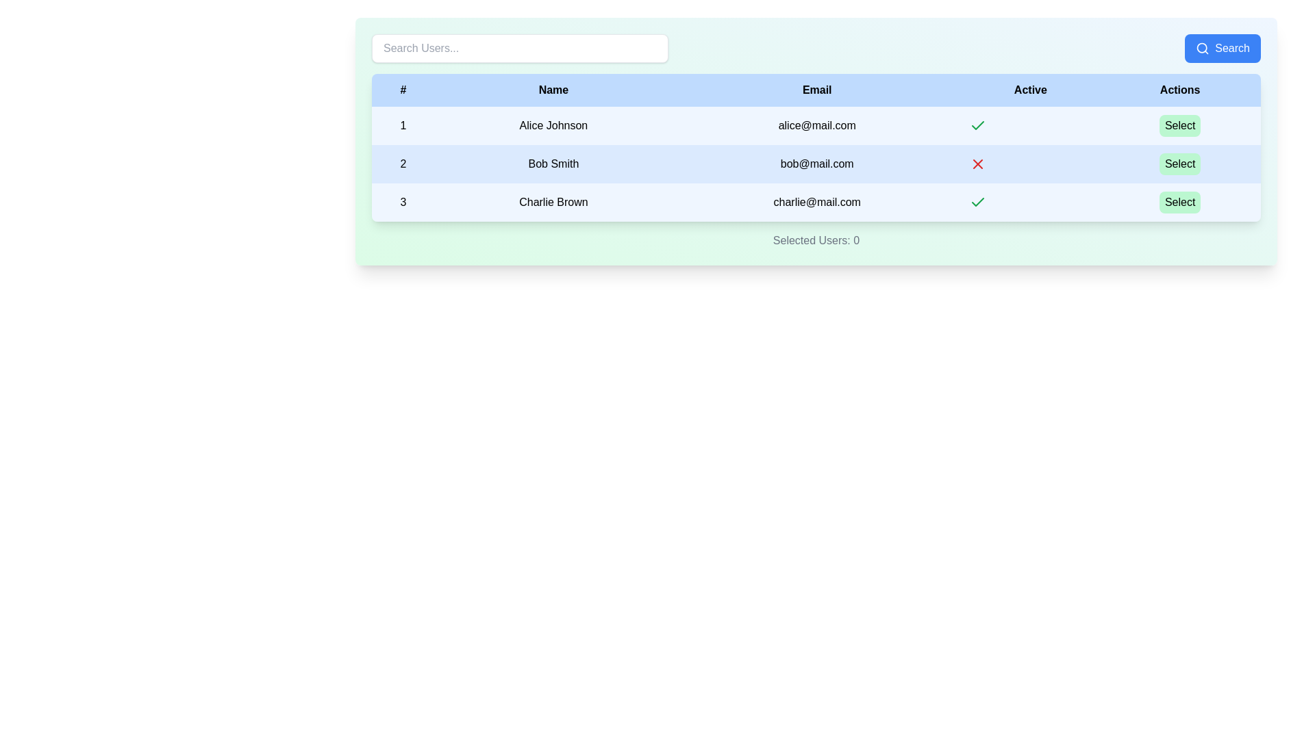 This screenshot has width=1315, height=739. I want to click on the checkmark icon indicating that the user 'charlie@mail.com' is active, located in the 'Active' column of the bottom-most row in the table, to the left of the 'Select' button, so click(977, 203).